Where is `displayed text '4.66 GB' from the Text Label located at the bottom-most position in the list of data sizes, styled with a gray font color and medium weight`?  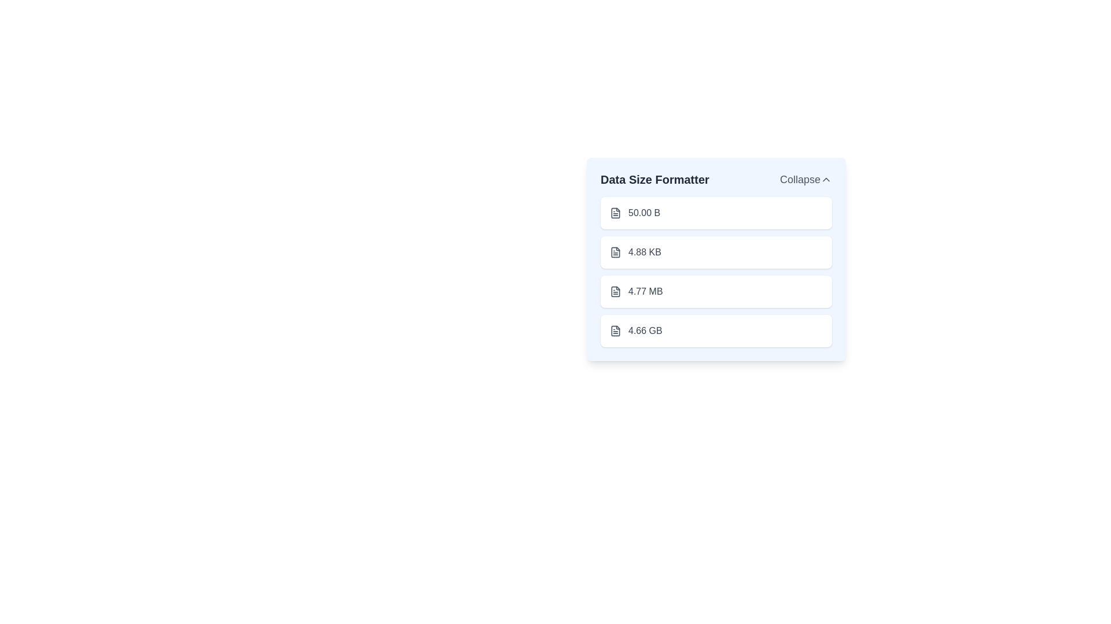 displayed text '4.66 GB' from the Text Label located at the bottom-most position in the list of data sizes, styled with a gray font color and medium weight is located at coordinates (645, 331).